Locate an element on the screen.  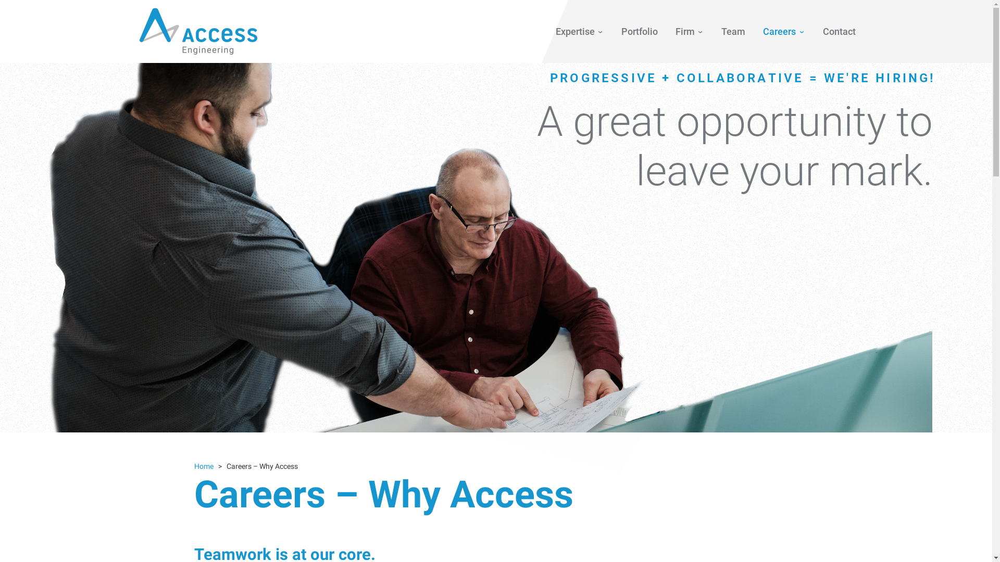
'Firm' is located at coordinates (690, 31).